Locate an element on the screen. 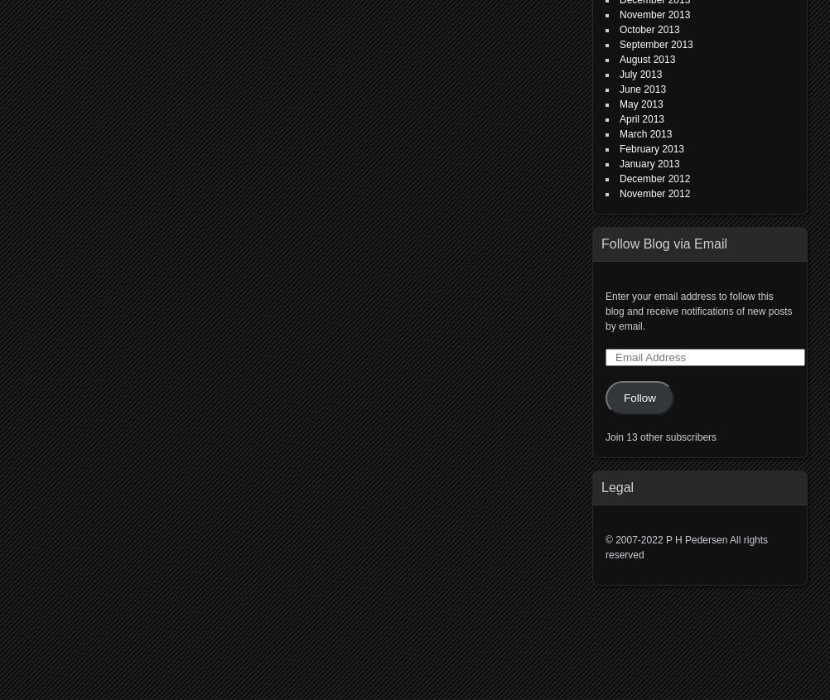 This screenshot has height=700, width=830. 'May 2013' is located at coordinates (640, 104).